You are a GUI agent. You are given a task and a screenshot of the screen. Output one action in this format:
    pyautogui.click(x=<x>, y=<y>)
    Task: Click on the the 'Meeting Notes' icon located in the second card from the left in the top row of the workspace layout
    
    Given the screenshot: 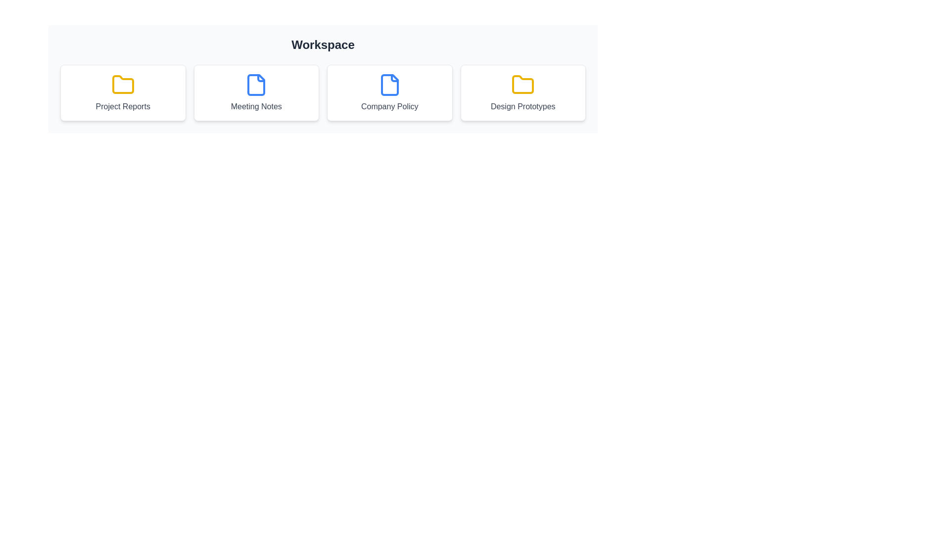 What is the action you would take?
    pyautogui.click(x=256, y=85)
    